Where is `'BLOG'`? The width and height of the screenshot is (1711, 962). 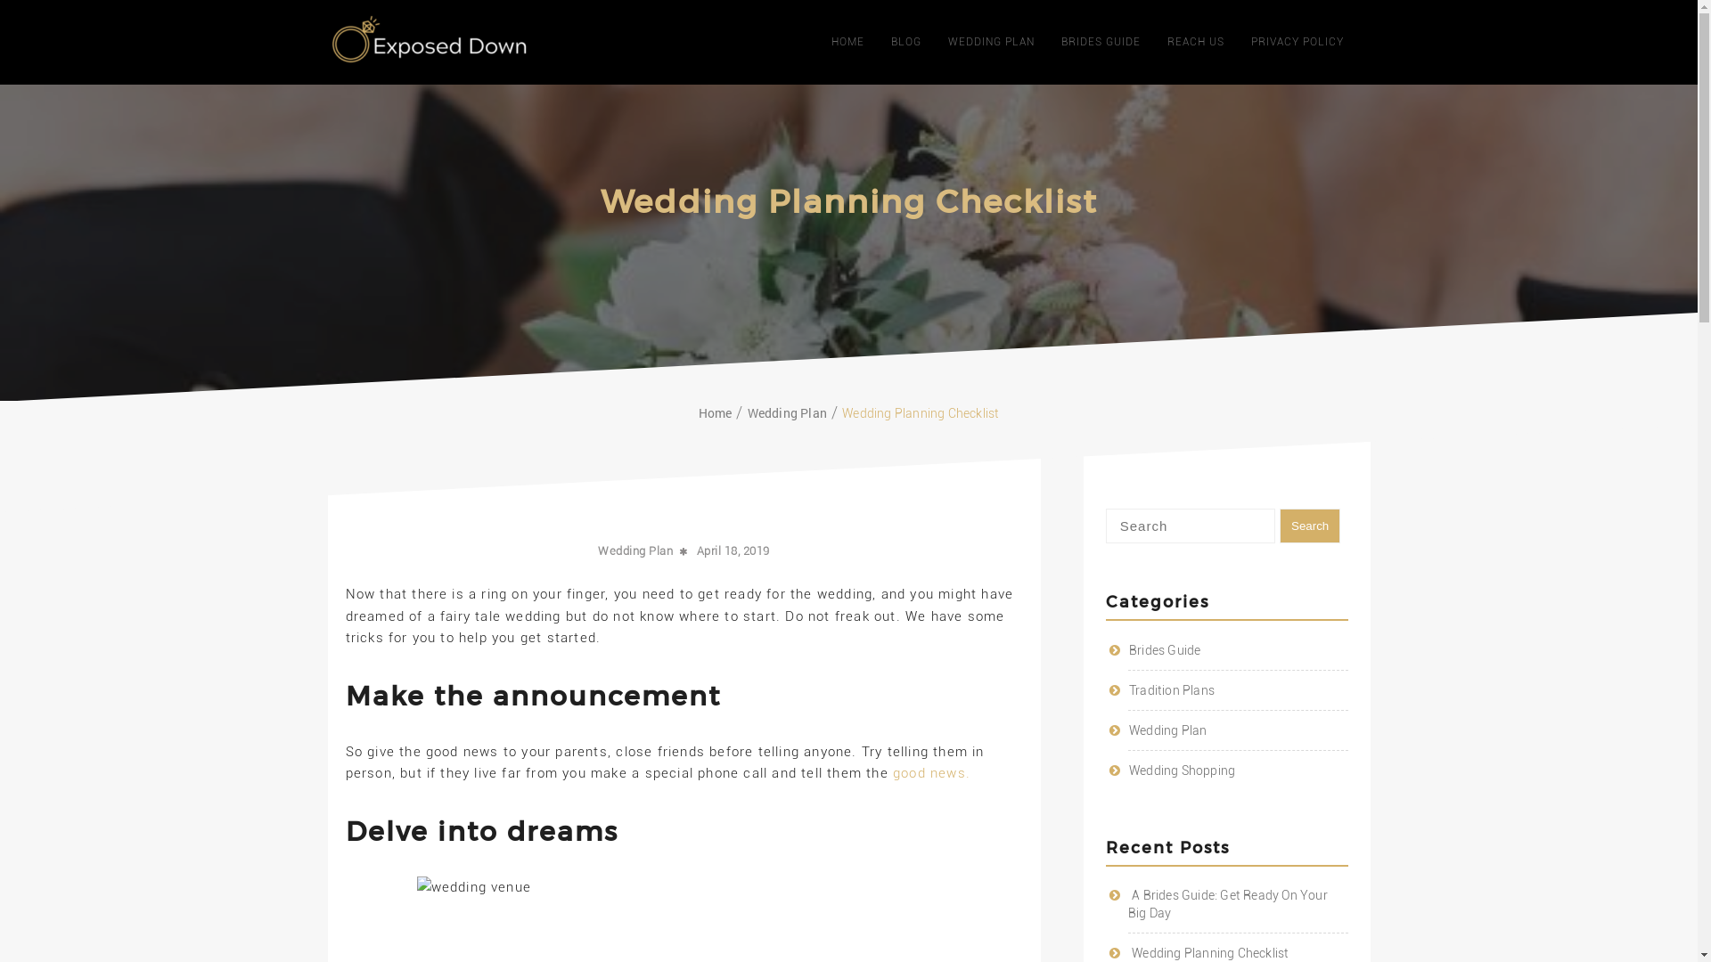
'BLOG' is located at coordinates (906, 40).